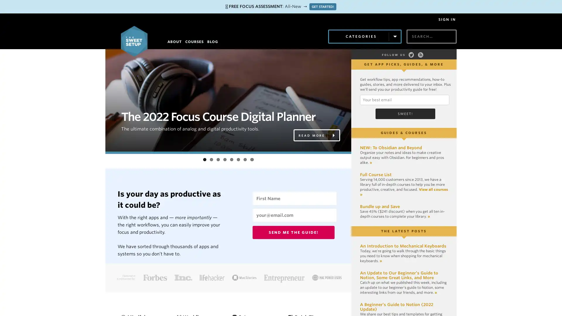 The image size is (562, 316). I want to click on Sweet!, so click(405, 113).